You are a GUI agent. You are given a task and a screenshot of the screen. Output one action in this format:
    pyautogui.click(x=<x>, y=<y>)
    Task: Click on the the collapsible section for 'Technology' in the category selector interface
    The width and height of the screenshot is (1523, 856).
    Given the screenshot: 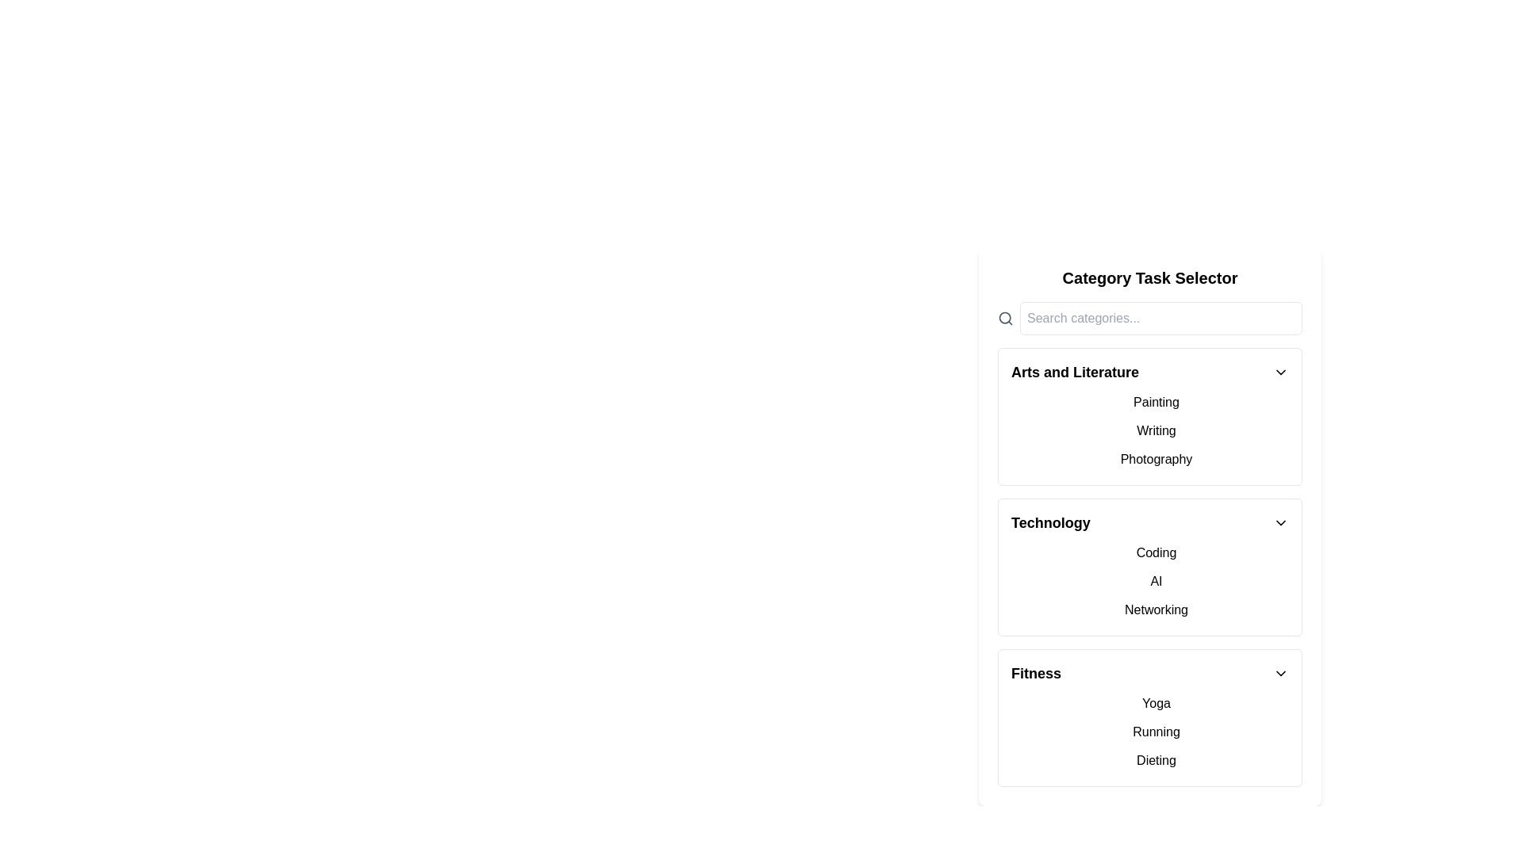 What is the action you would take?
    pyautogui.click(x=1149, y=567)
    